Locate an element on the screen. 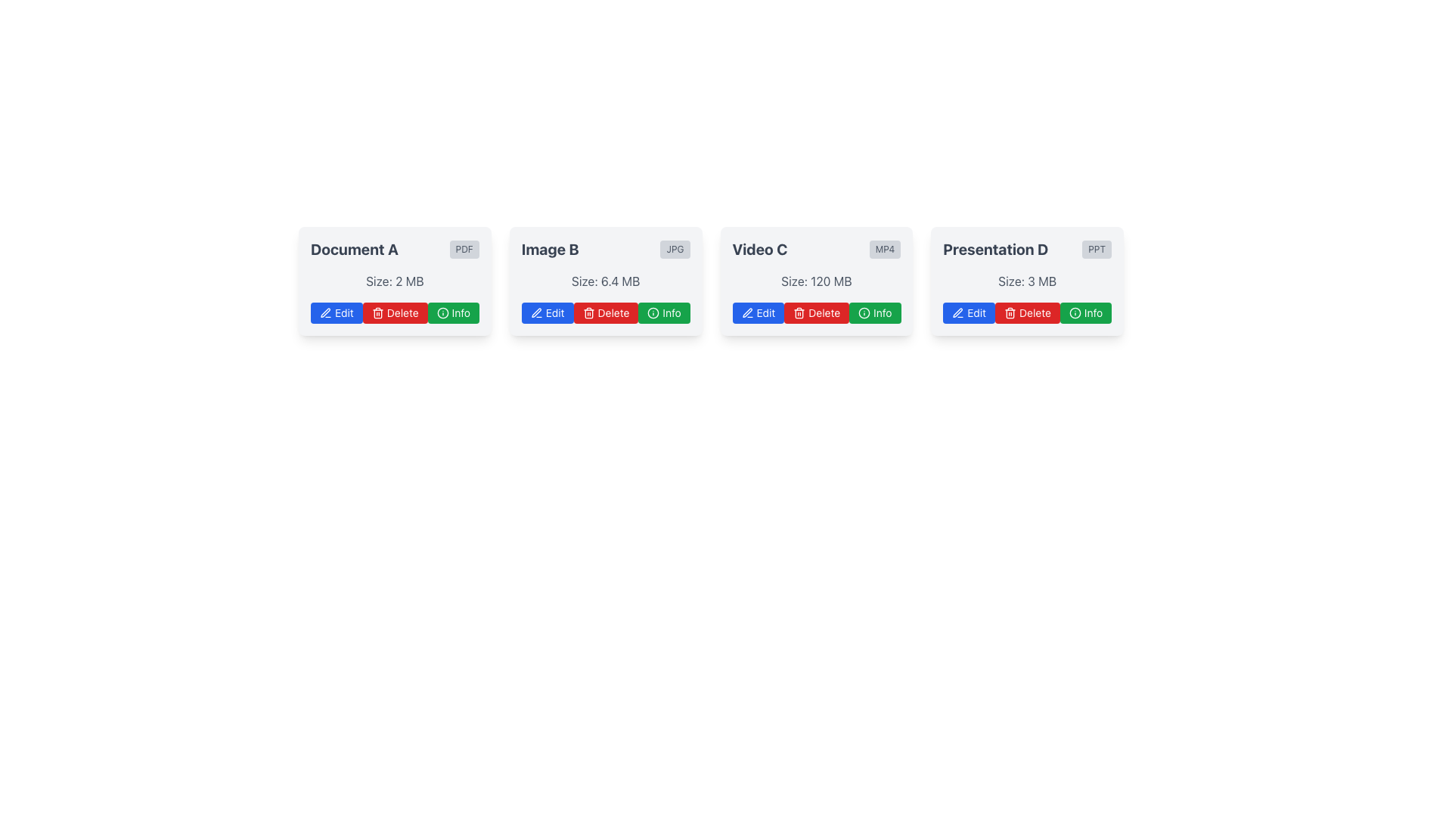 Image resolution: width=1452 pixels, height=817 pixels. the blue pen icon inside the 'Edit' button at the bottom-left of the first card is located at coordinates (325, 312).